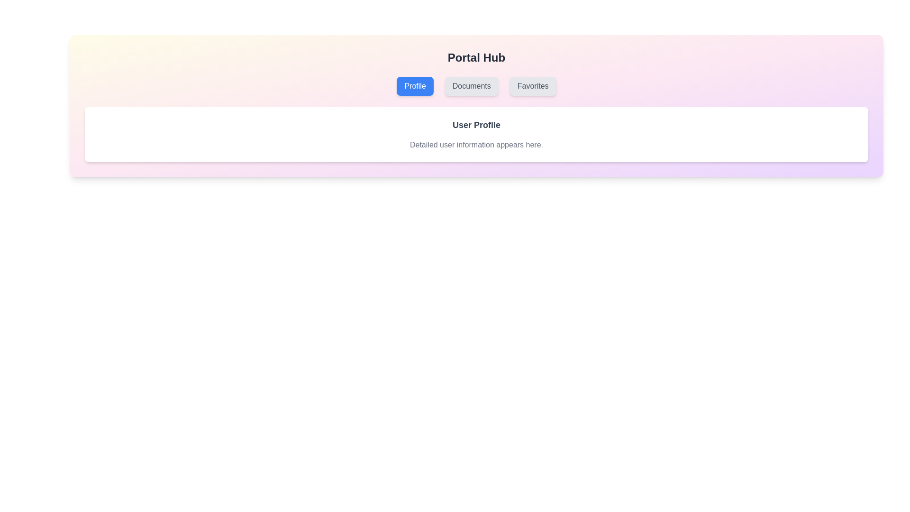  Describe the element at coordinates (415, 86) in the screenshot. I see `the first navigation button for accessing the 'Profile' section of the portal` at that location.